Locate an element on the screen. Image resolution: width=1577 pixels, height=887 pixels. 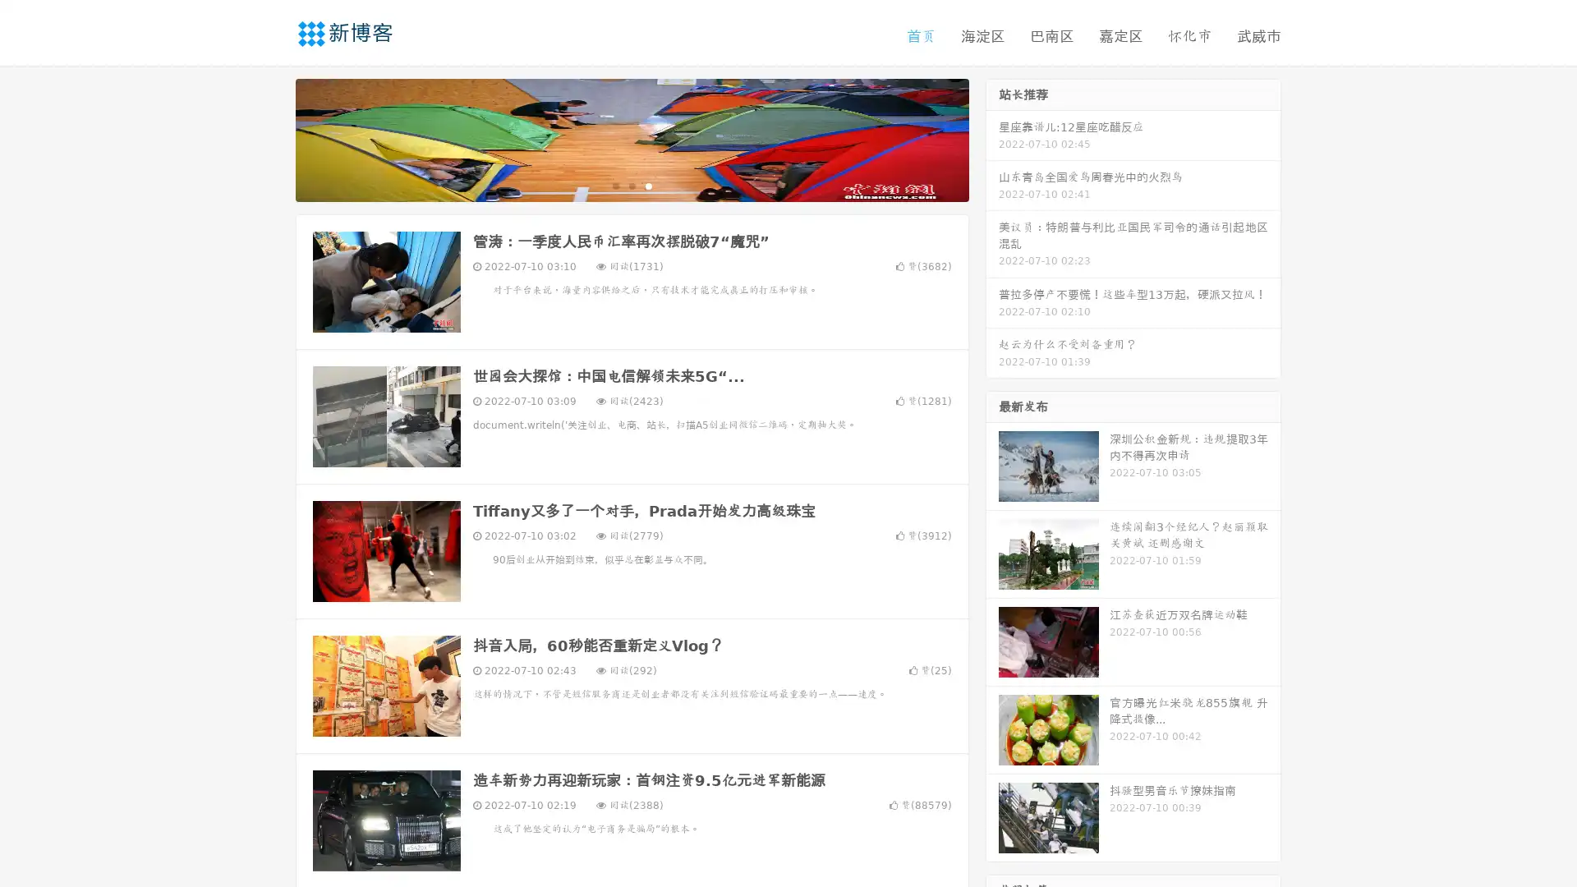
Previous slide is located at coordinates (271, 138).